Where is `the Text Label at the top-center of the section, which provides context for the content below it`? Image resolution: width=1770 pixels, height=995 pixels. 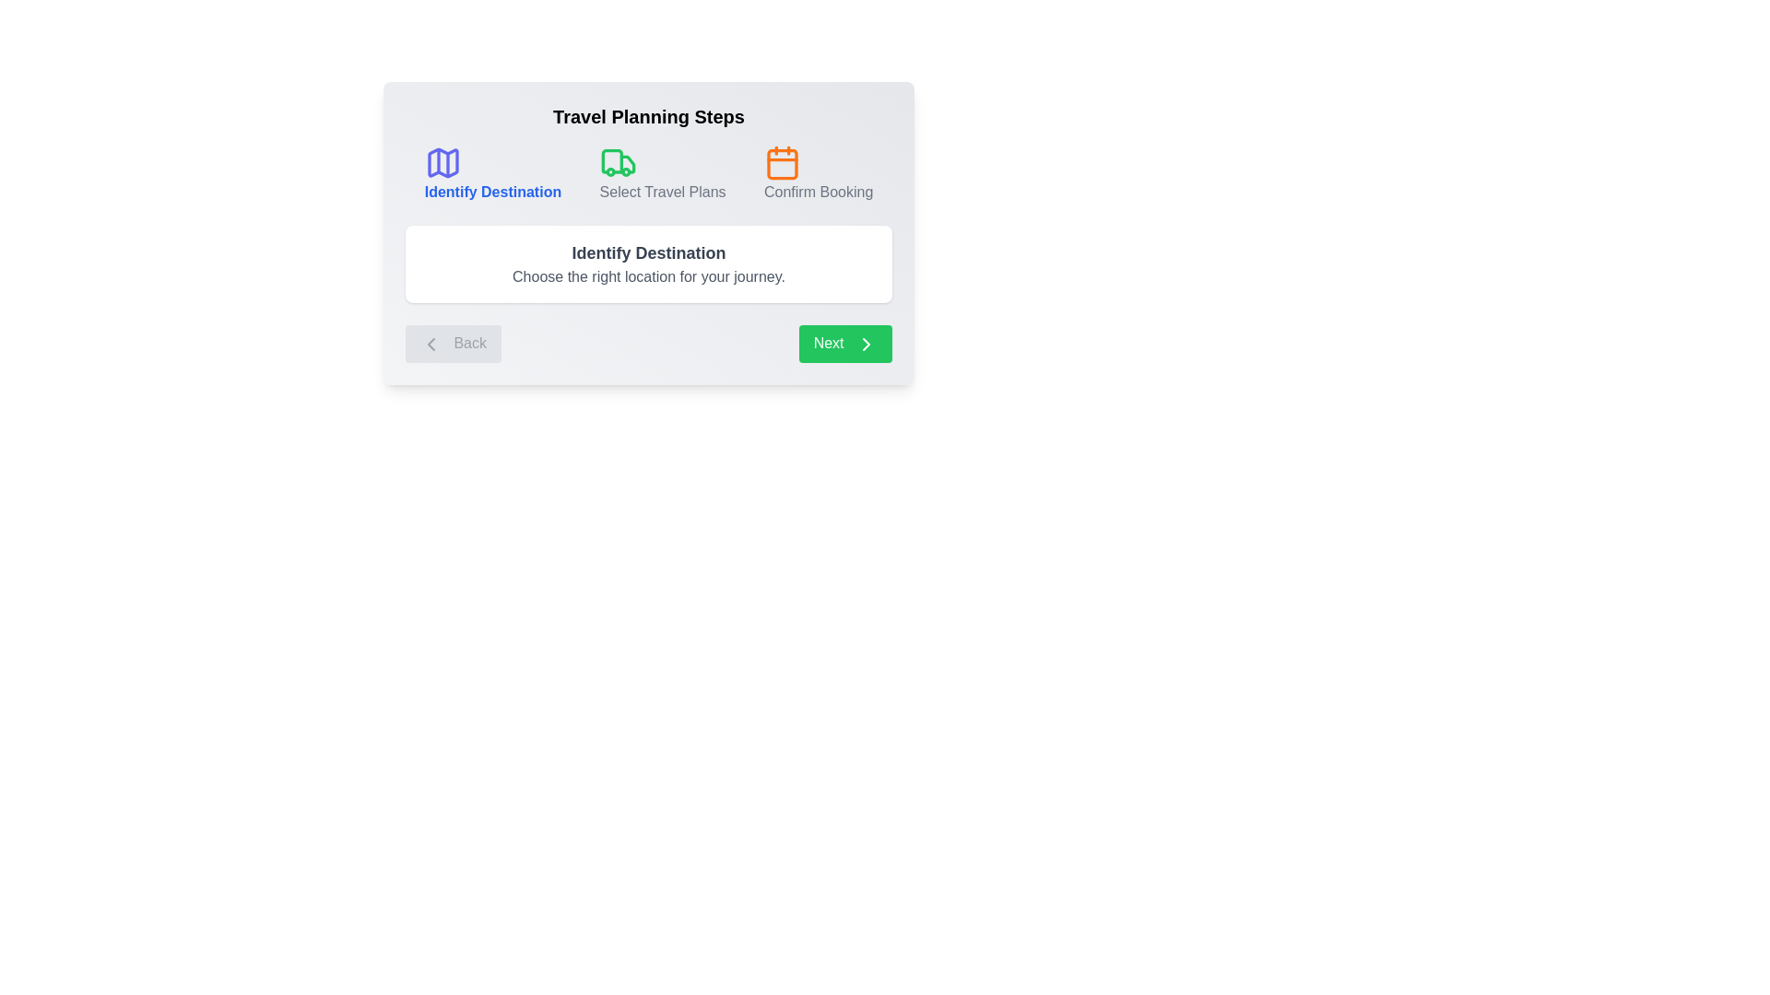
the Text Label at the top-center of the section, which provides context for the content below it is located at coordinates (649, 117).